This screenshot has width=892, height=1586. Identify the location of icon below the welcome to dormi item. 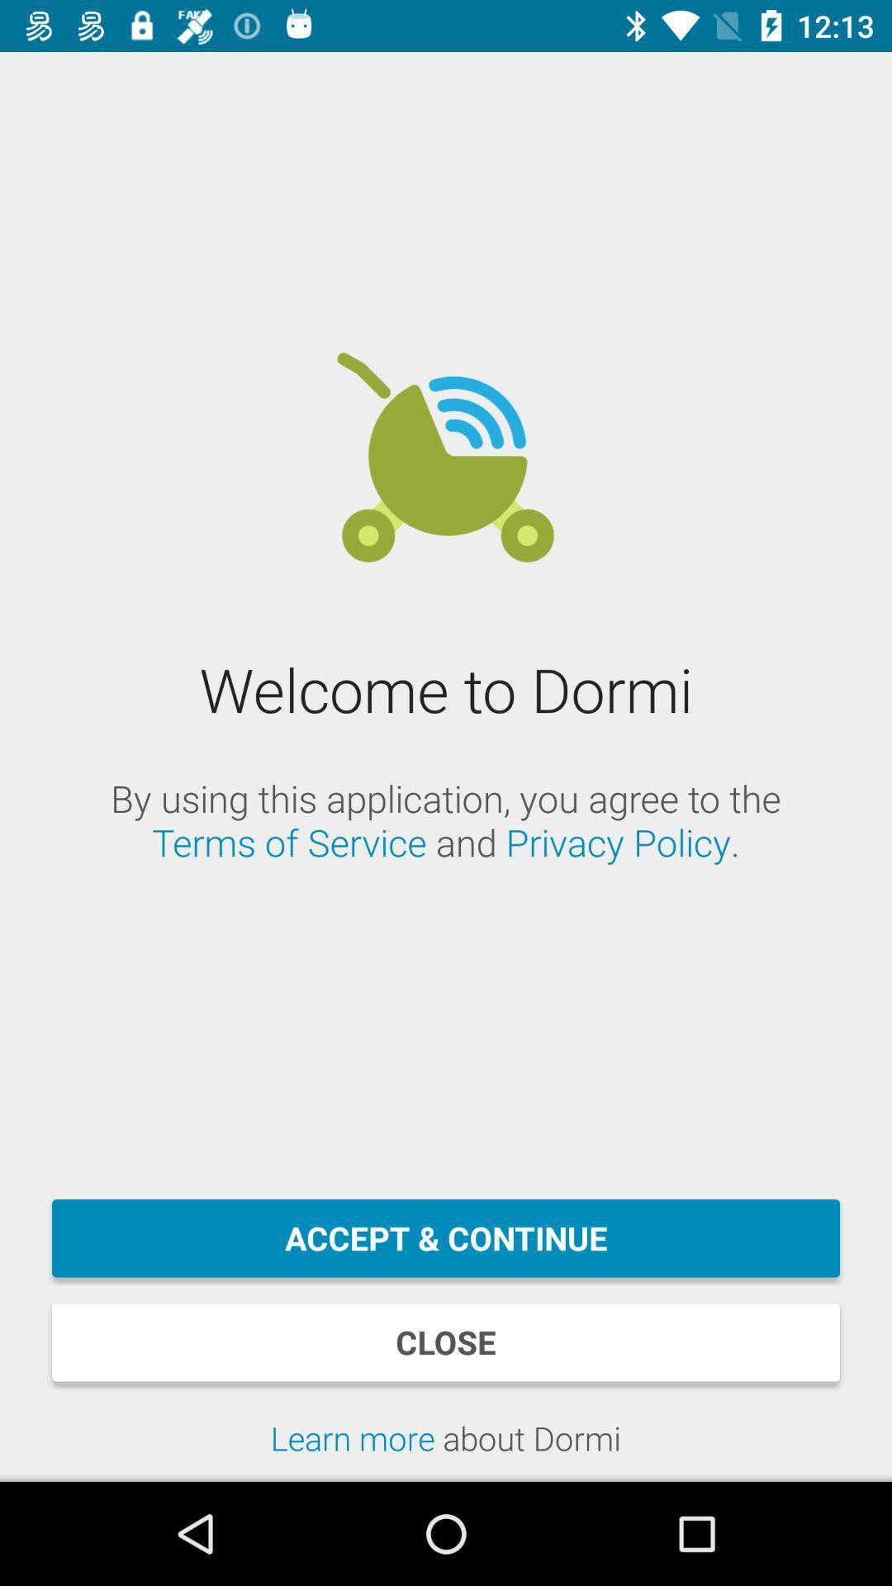
(446, 820).